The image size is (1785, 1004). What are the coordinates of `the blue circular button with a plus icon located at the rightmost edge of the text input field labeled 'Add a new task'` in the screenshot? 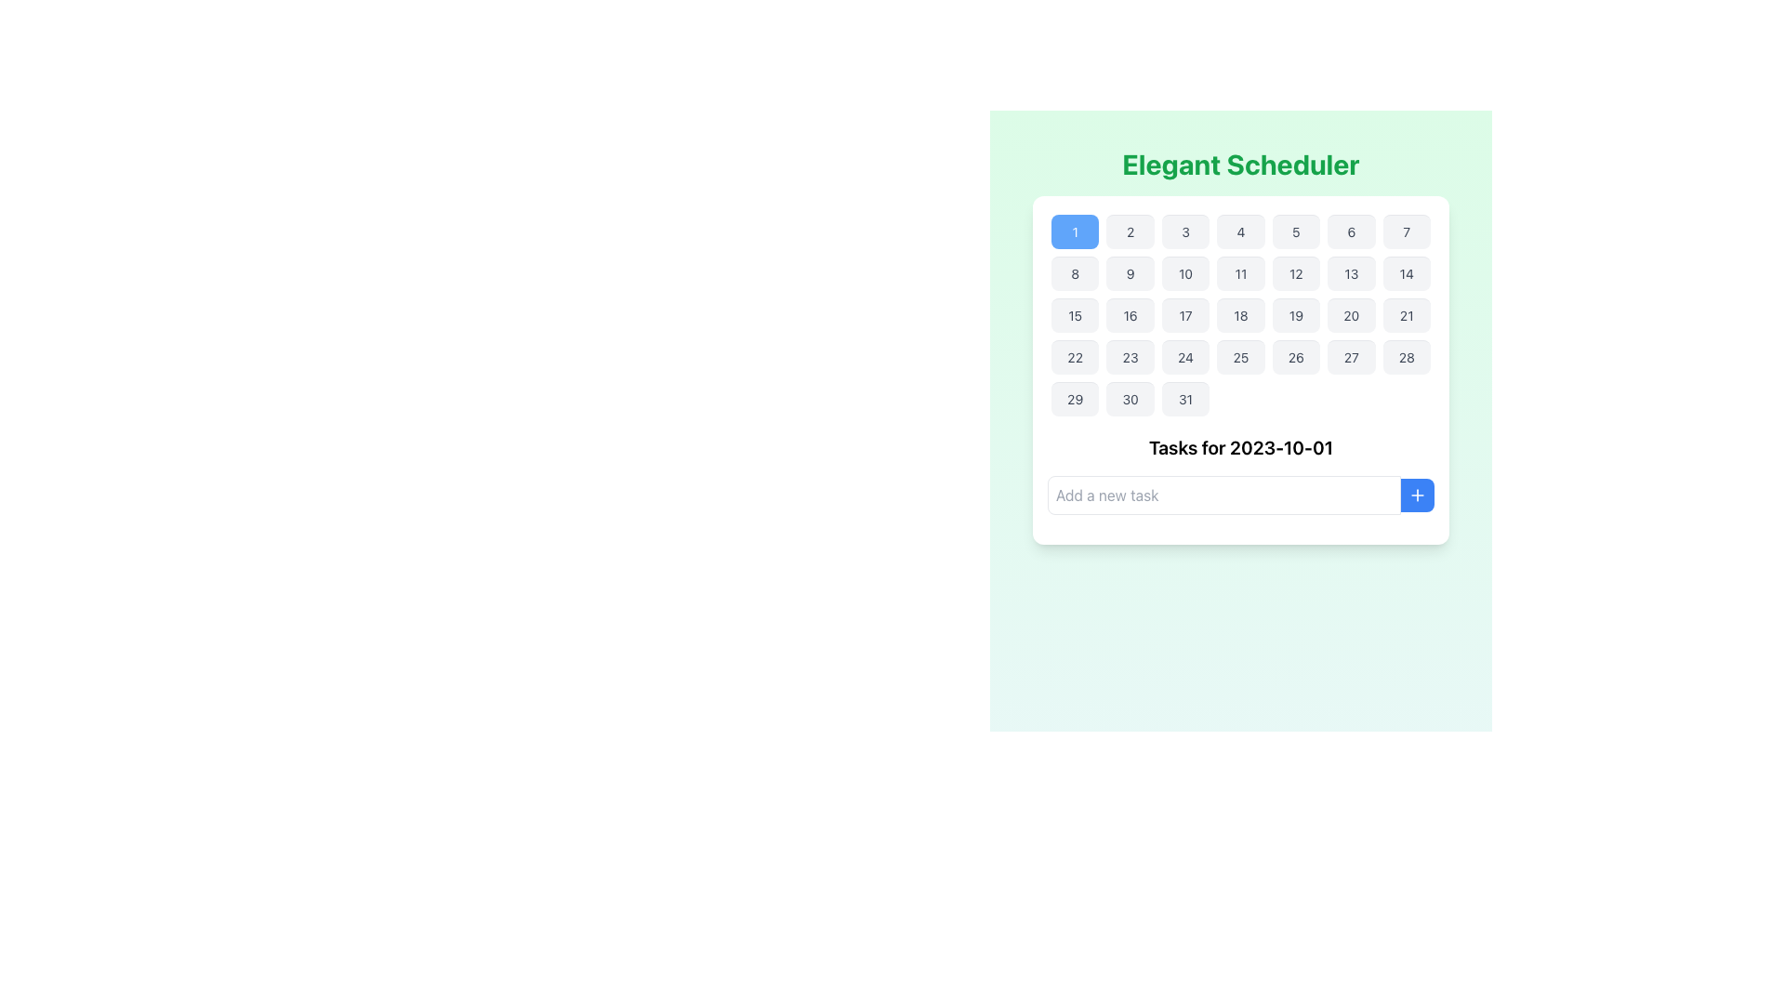 It's located at (1417, 494).